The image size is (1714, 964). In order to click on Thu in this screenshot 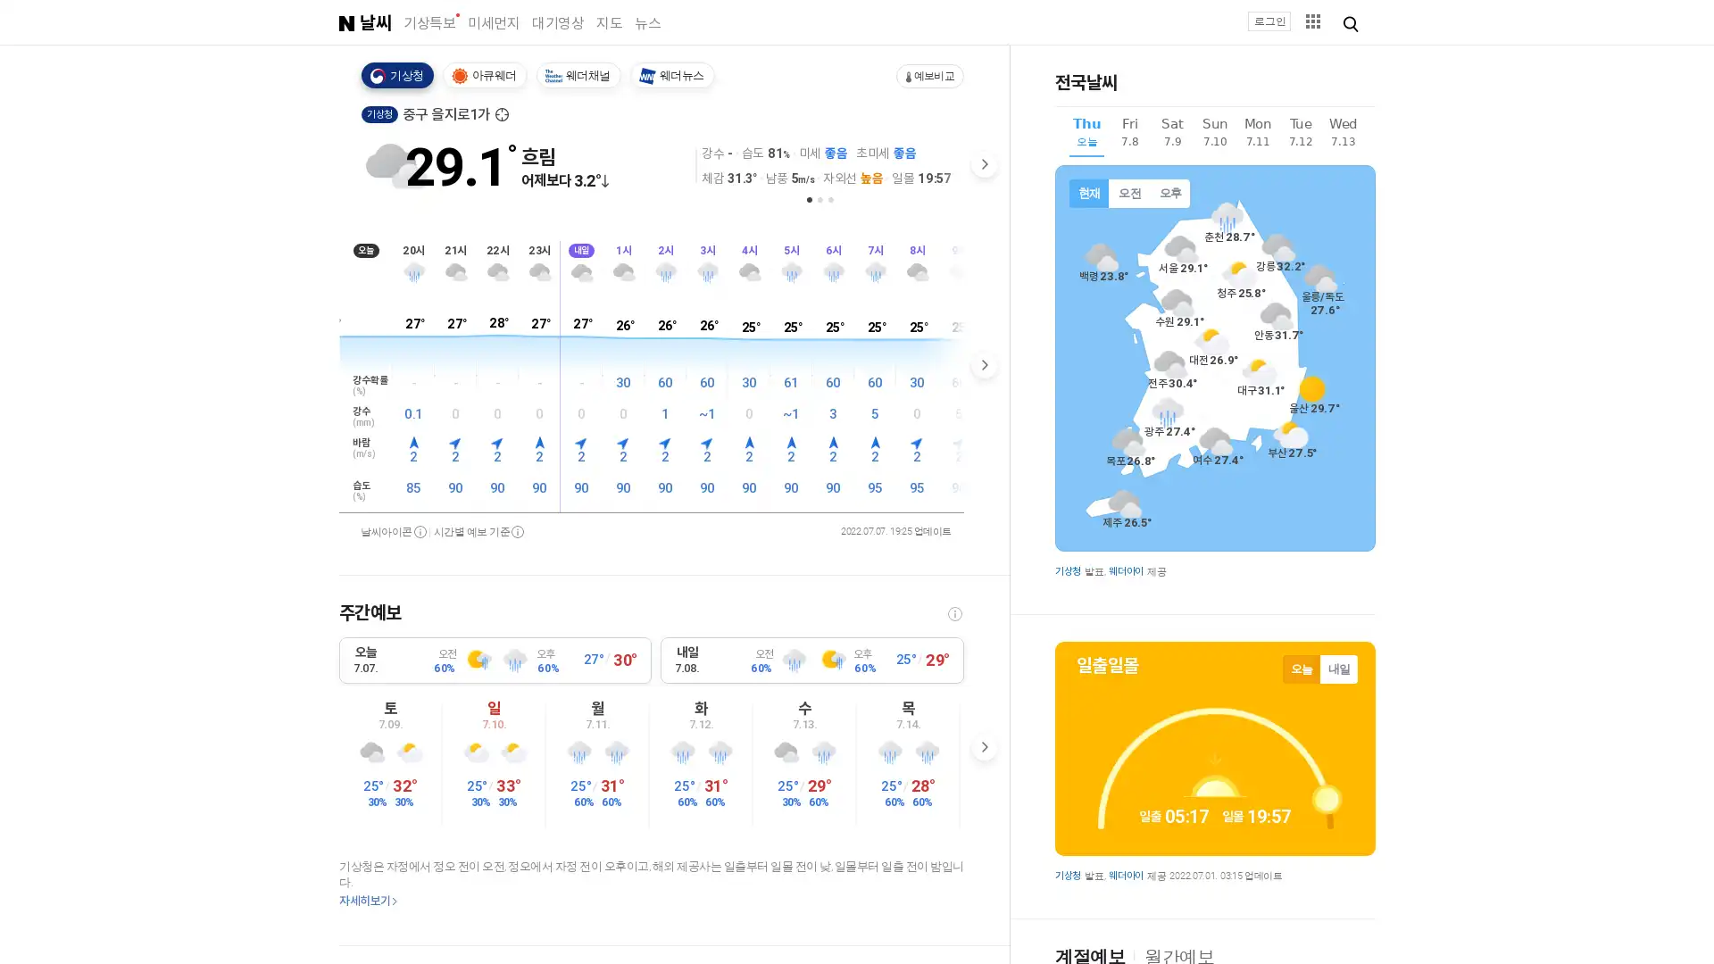, I will do `click(1086, 136)`.